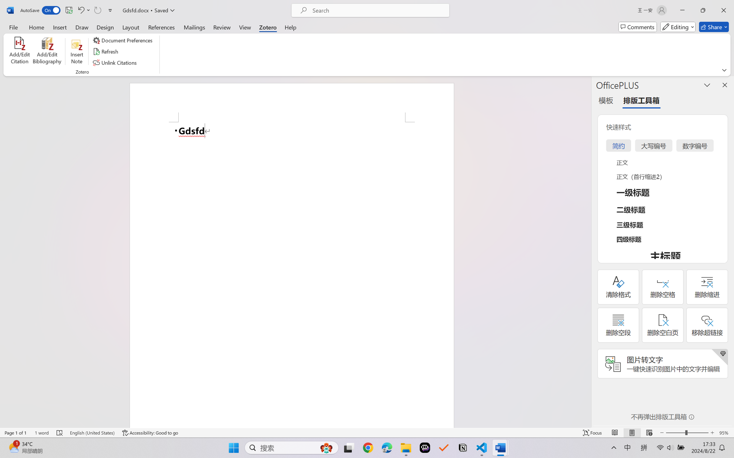 The image size is (734, 458). Describe the element at coordinates (60, 433) in the screenshot. I see `'Spelling and Grammar Check Errors'` at that location.